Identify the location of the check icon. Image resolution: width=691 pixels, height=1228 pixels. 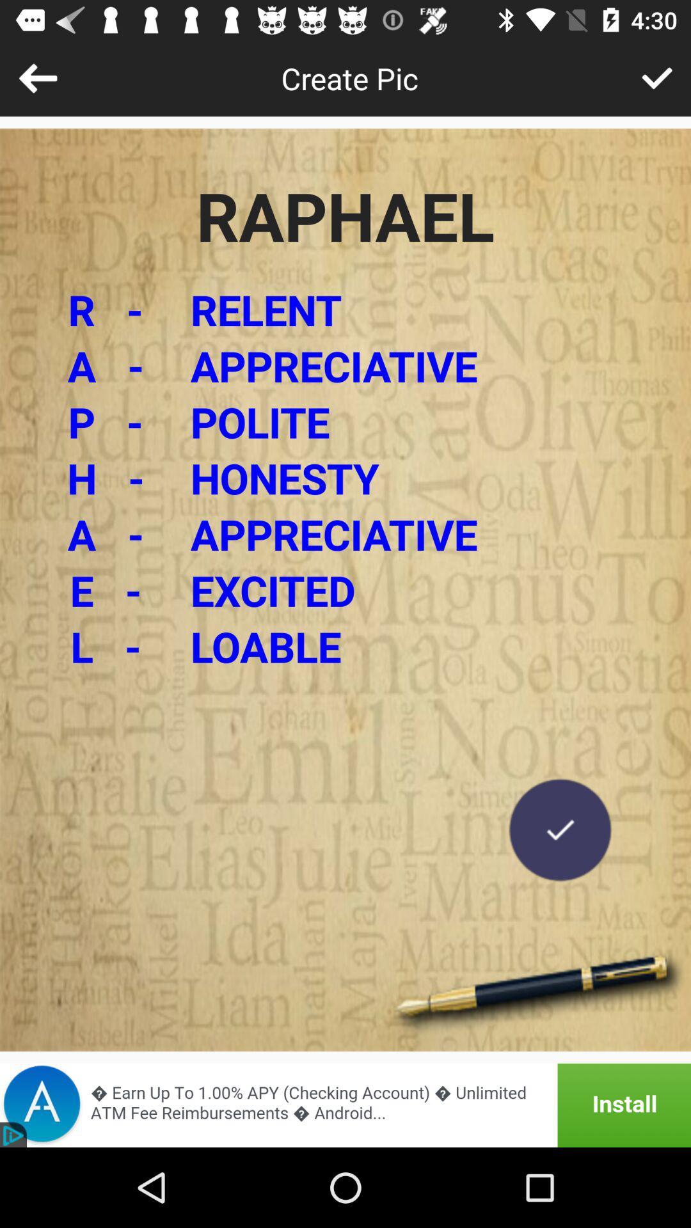
(559, 830).